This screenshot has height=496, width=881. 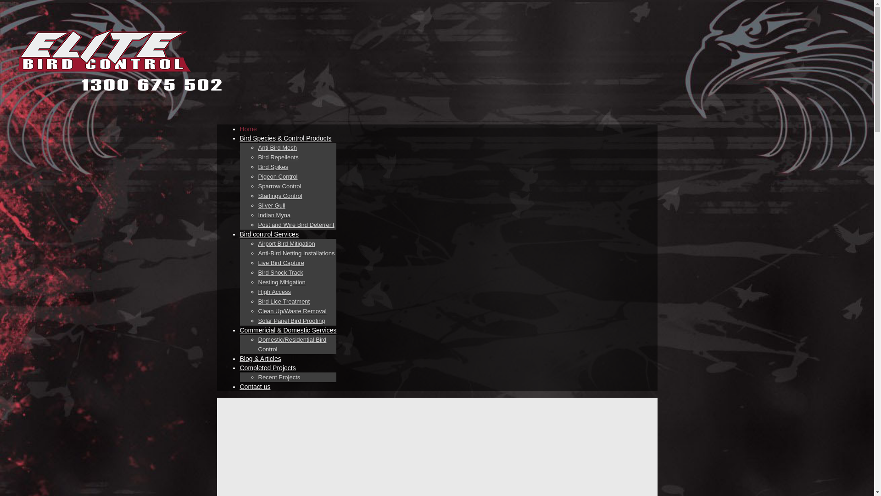 I want to click on 'Bird Lice Treatment', so click(x=283, y=301).